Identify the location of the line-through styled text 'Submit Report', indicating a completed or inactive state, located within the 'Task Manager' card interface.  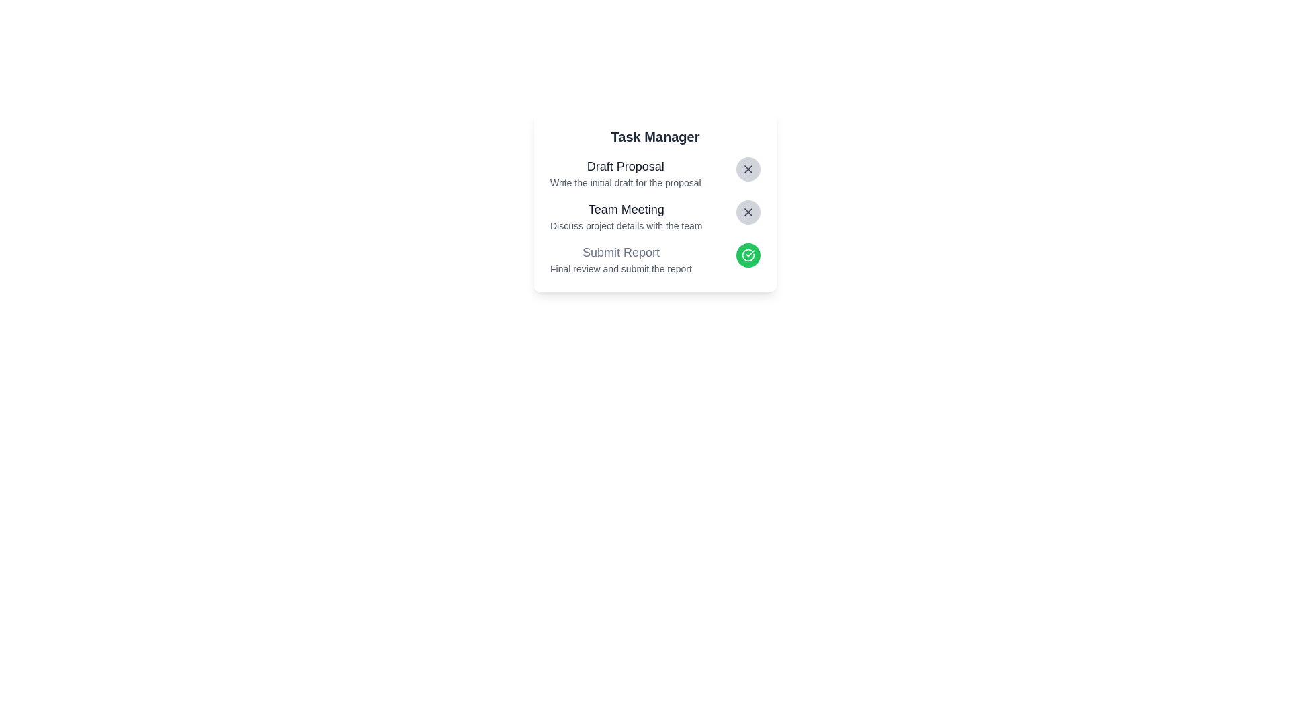
(620, 252).